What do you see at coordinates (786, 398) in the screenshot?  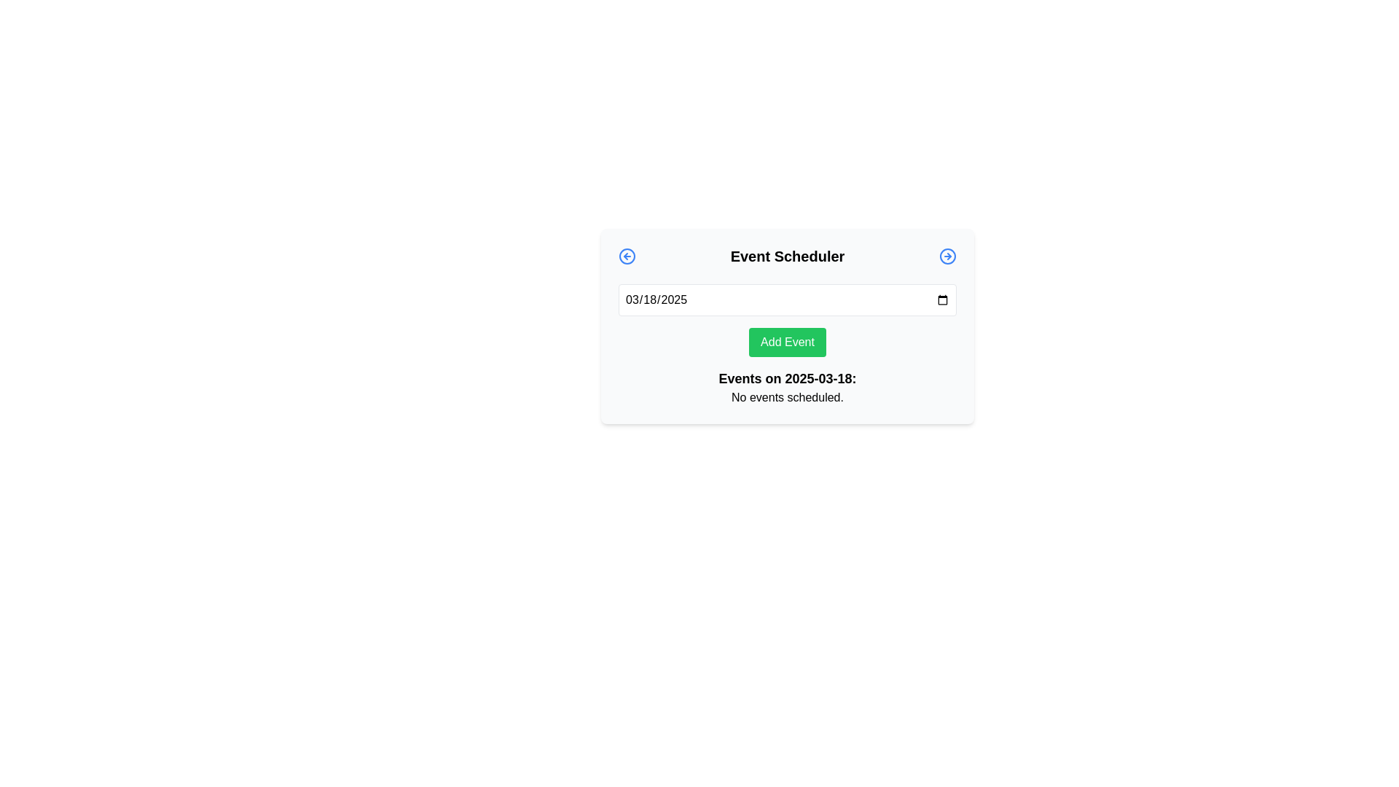 I see `the static text displaying 'No events scheduled.' located below the label 'Events on 2025-03-18:' in the event scheduler interface` at bounding box center [786, 398].